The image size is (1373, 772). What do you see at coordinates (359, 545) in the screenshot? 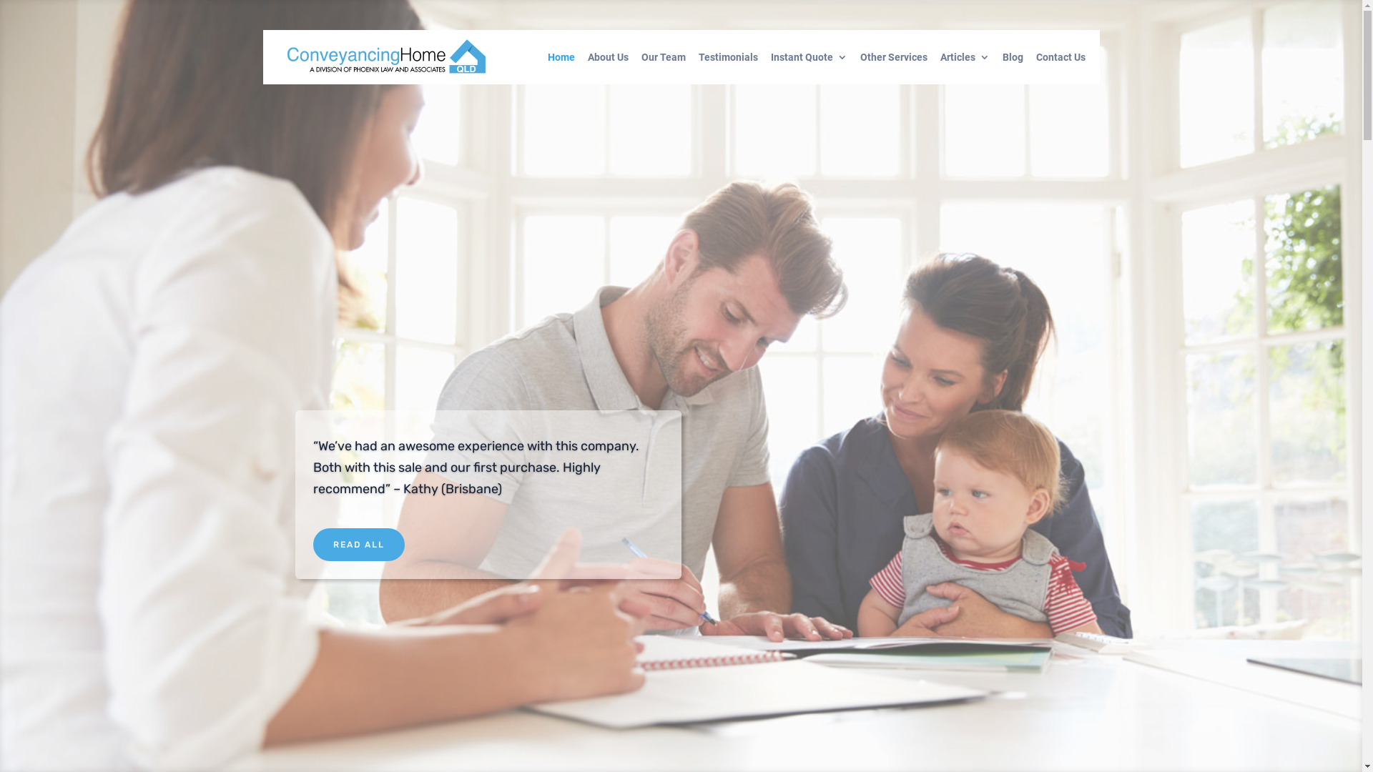
I see `'READ ALL'` at bounding box center [359, 545].